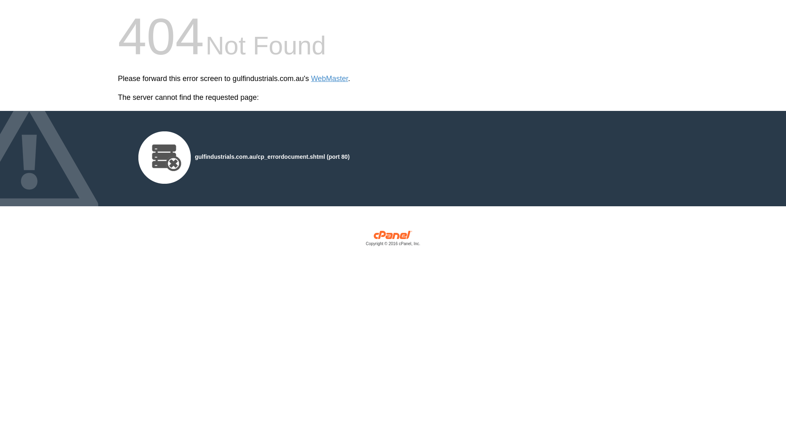  Describe the element at coordinates (330, 79) in the screenshot. I see `'WebMaster'` at that location.